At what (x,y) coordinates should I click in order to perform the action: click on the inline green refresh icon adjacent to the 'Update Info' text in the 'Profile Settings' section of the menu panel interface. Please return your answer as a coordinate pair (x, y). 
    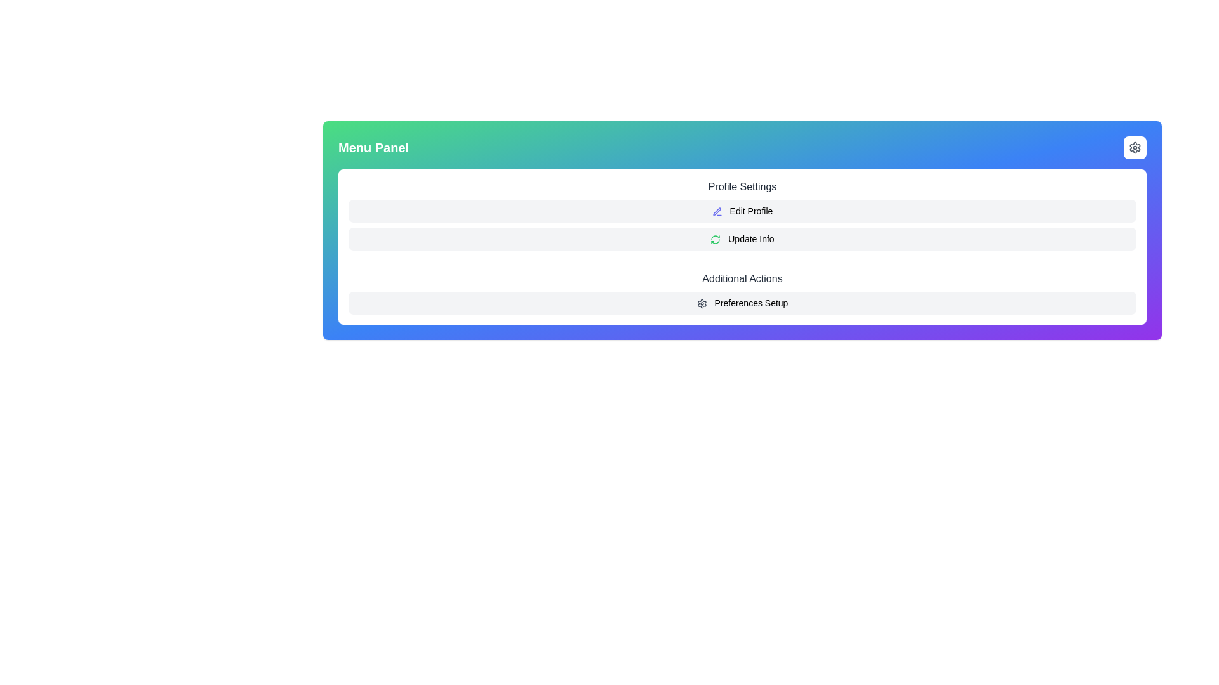
    Looking at the image, I should click on (716, 240).